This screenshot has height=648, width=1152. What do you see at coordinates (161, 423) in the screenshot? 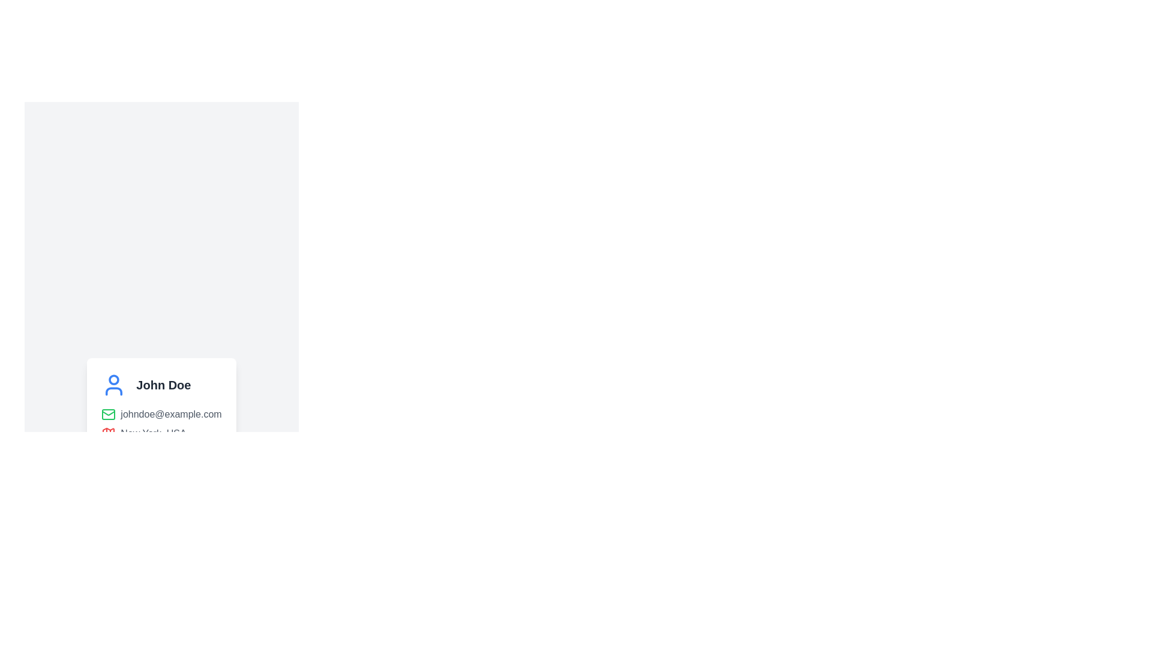
I see `the text block that provides the email address and location associated with the user, located under 'John Doe' and above the 'Contact' section in a card layout` at bounding box center [161, 423].